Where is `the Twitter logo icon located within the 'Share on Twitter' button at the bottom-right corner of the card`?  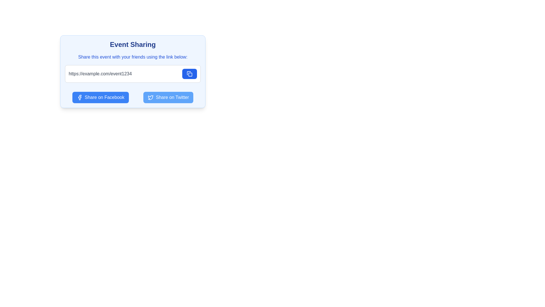 the Twitter logo icon located within the 'Share on Twitter' button at the bottom-right corner of the card is located at coordinates (151, 97).